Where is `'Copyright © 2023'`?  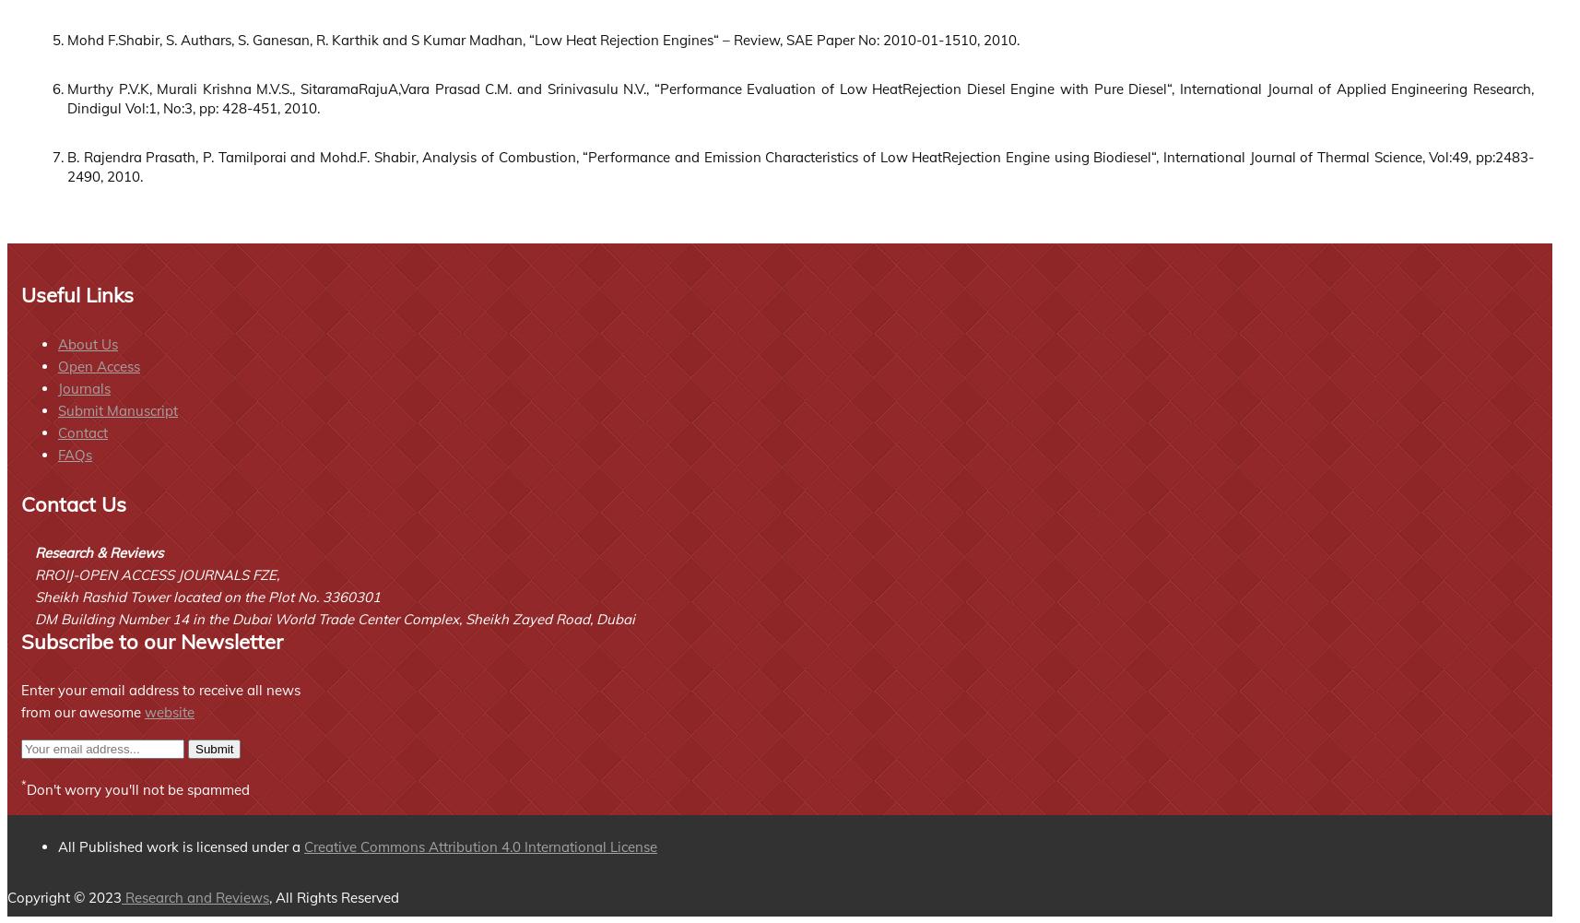
'Copyright © 2023' is located at coordinates (63, 896).